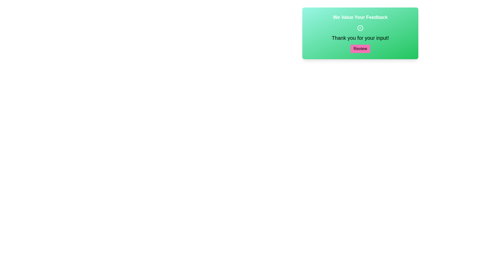  I want to click on the circular icon with a checkmark inside, which is centrally positioned in the green feedback widget above the text 'Thank you for your input!' and below the title 'We Value Your Feedback', so click(360, 28).